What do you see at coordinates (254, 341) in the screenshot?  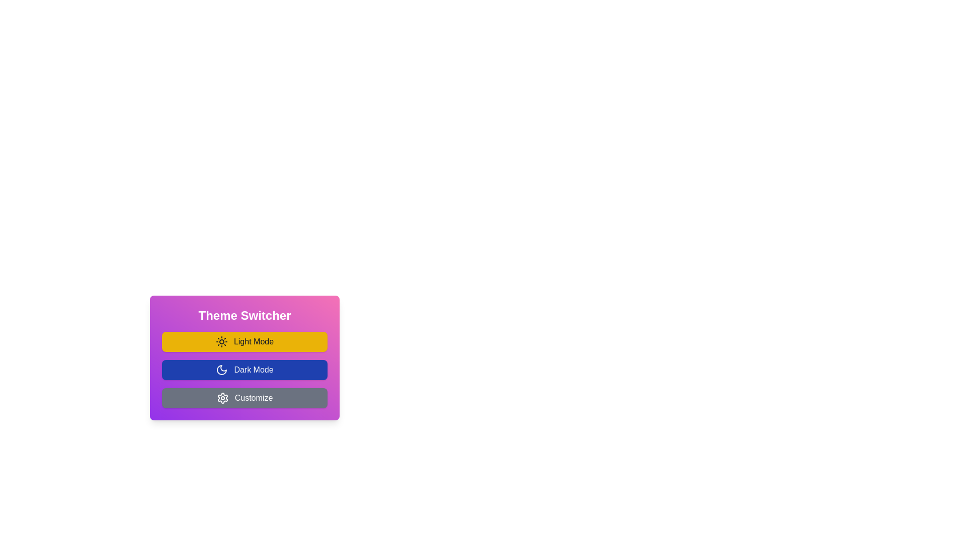 I see `the 'Light Mode' text within the yellow rectangular button in the theme switcher menu, which is the first button at the top of the stack` at bounding box center [254, 341].